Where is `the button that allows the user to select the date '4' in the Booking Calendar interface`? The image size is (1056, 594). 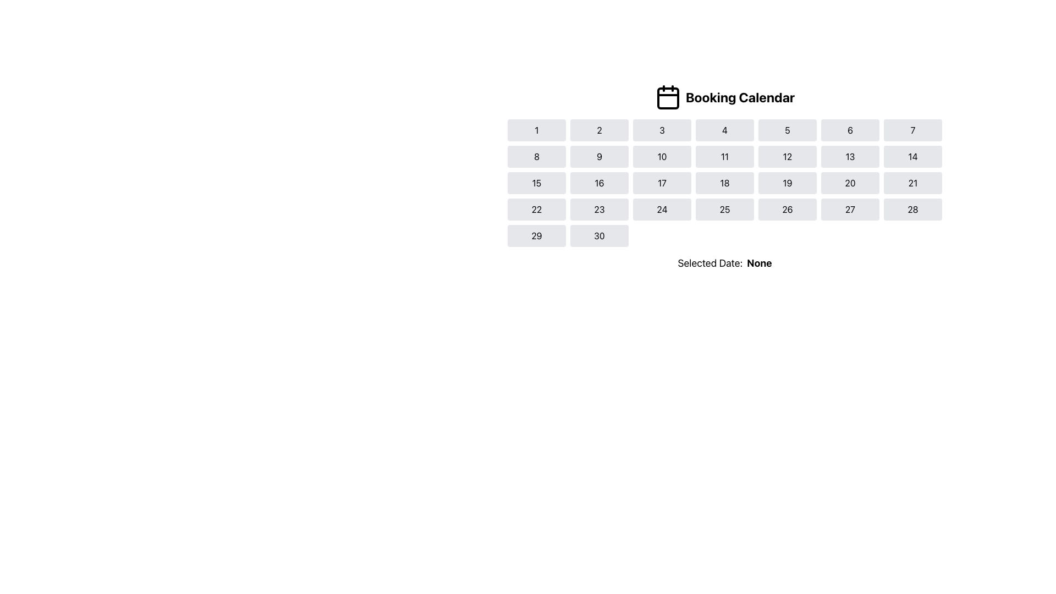 the button that allows the user to select the date '4' in the Booking Calendar interface is located at coordinates (725, 129).